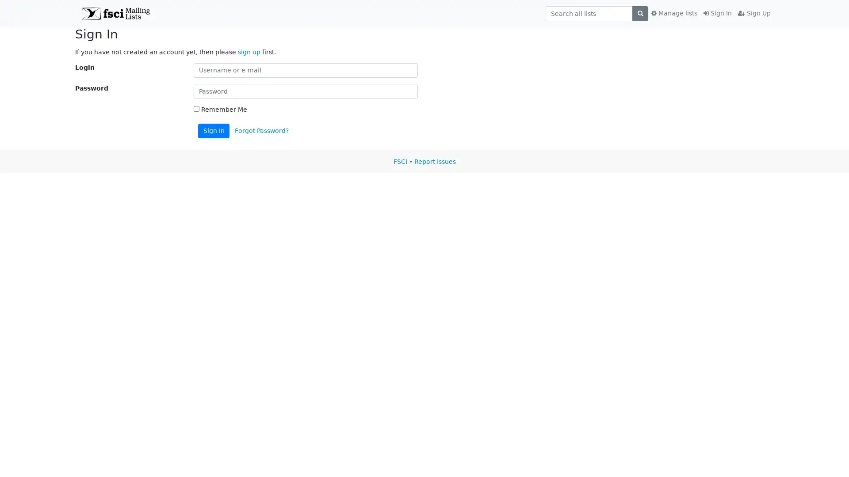 Image resolution: width=849 pixels, height=477 pixels. What do you see at coordinates (214, 131) in the screenshot?
I see `Sign In` at bounding box center [214, 131].